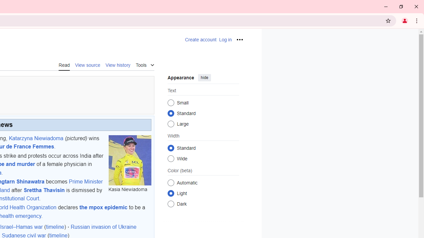  I want to click on 'Tools', so click(144, 64).